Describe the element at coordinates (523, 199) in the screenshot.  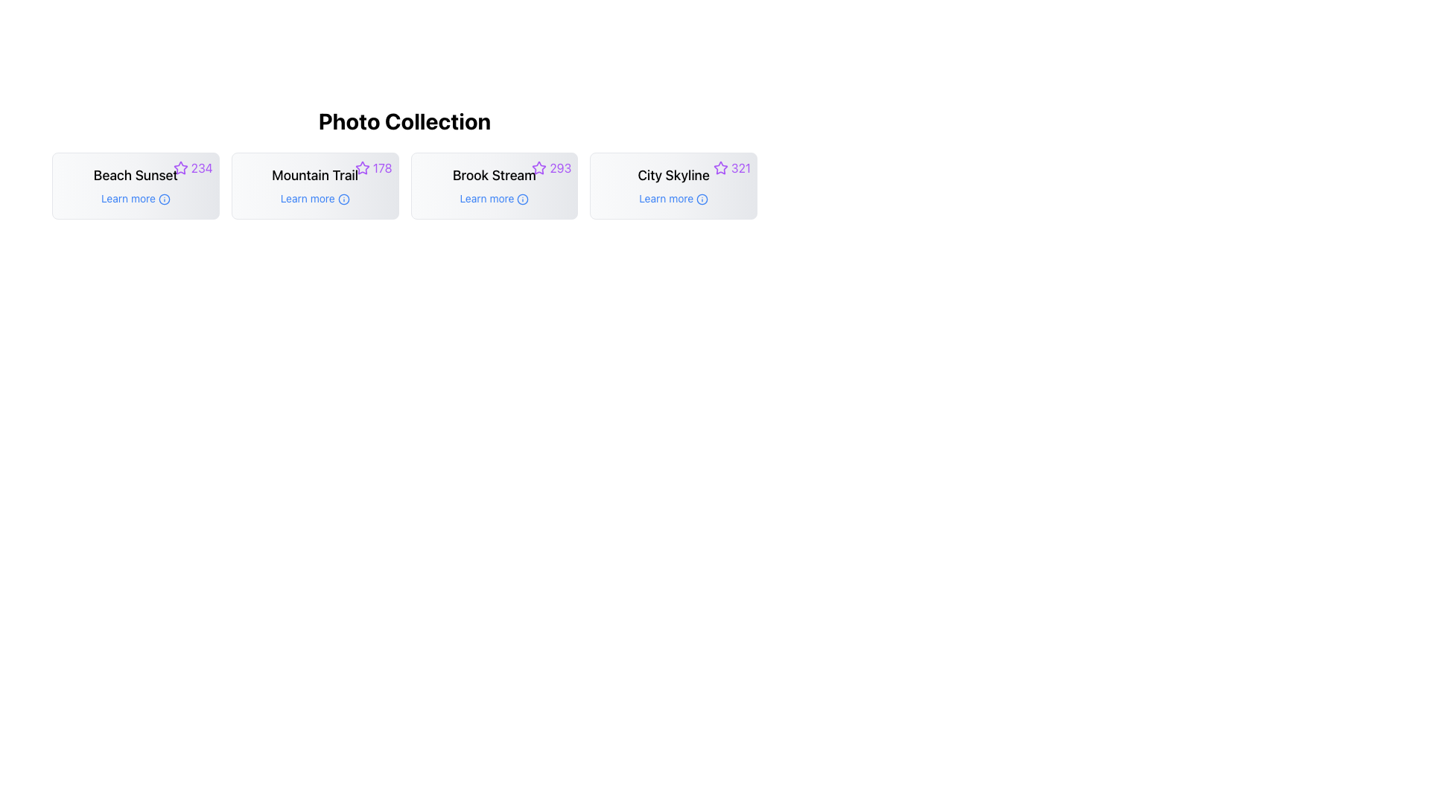
I see `the SVG circle element that serves as a background for the information icon in the 'Brook Stream' item located in the second row, second column of the grid` at that location.